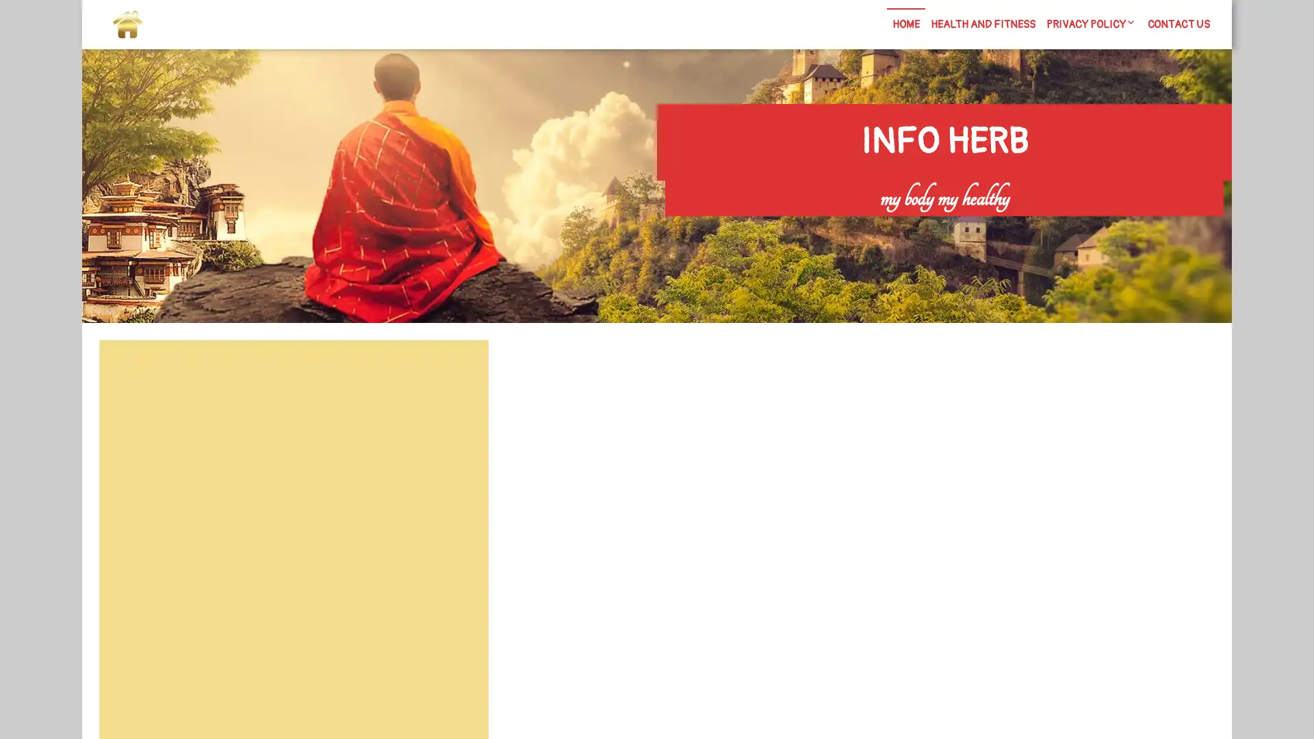 The height and width of the screenshot is (739, 1314). I want to click on Search, so click(1066, 224).